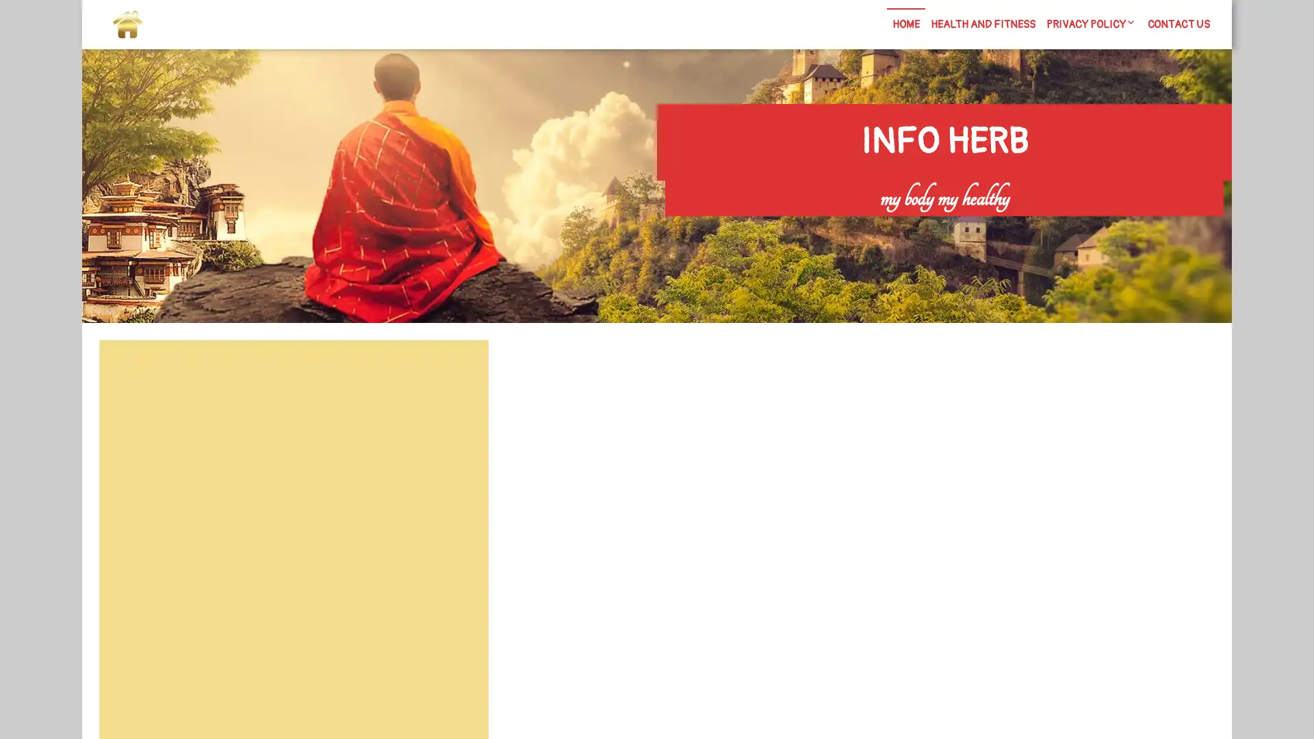 The height and width of the screenshot is (739, 1314). I want to click on Search, so click(1066, 224).